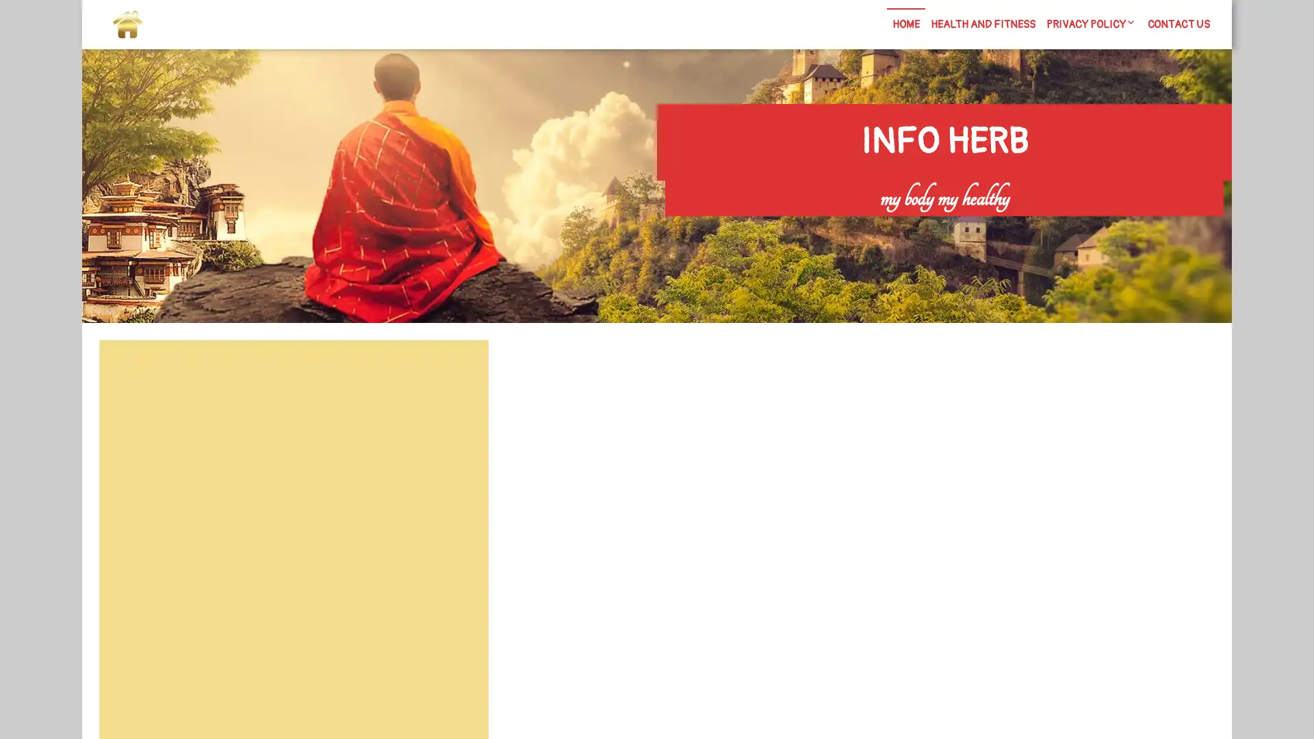 The height and width of the screenshot is (739, 1314). I want to click on Search, so click(1066, 224).